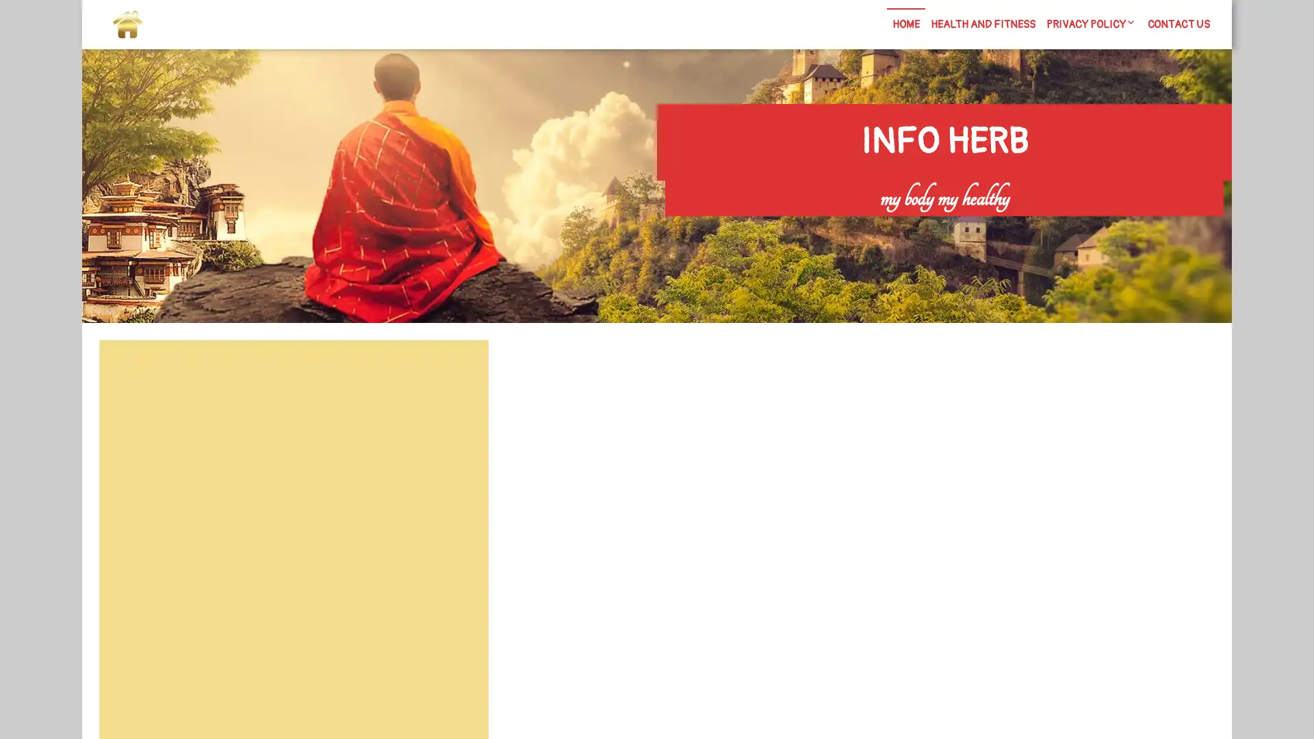 The height and width of the screenshot is (739, 1314). I want to click on Search, so click(1066, 224).